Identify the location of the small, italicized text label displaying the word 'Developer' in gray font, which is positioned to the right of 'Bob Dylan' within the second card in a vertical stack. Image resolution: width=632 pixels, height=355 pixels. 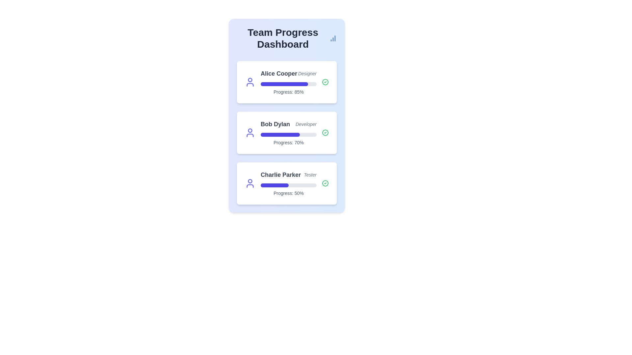
(305, 124).